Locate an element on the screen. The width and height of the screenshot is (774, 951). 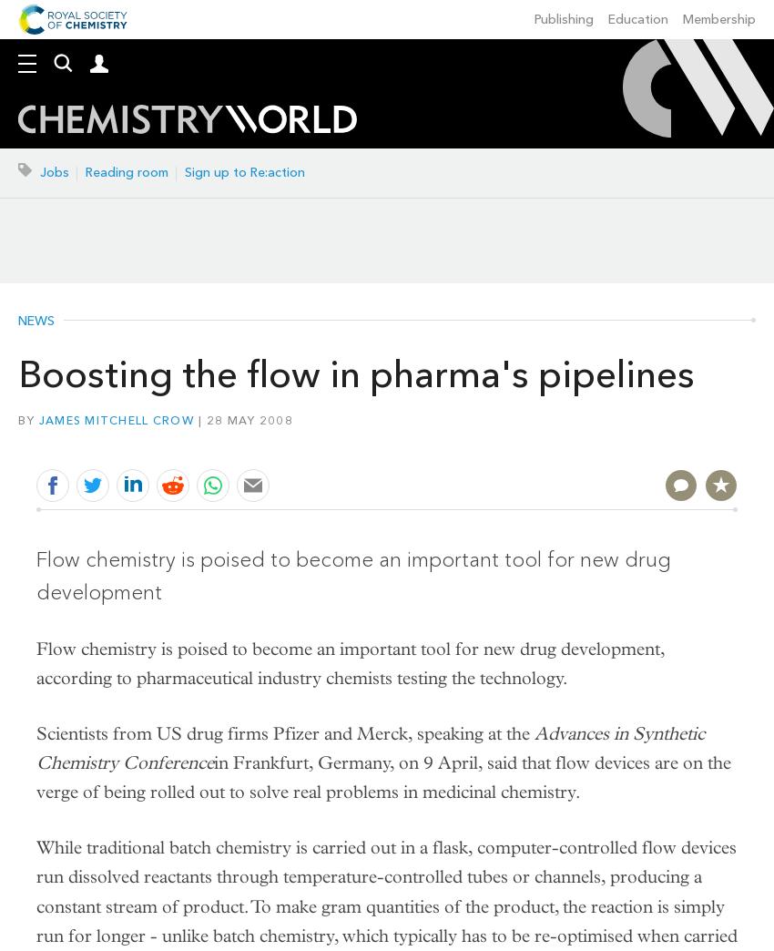
'Education' is located at coordinates (637, 17).